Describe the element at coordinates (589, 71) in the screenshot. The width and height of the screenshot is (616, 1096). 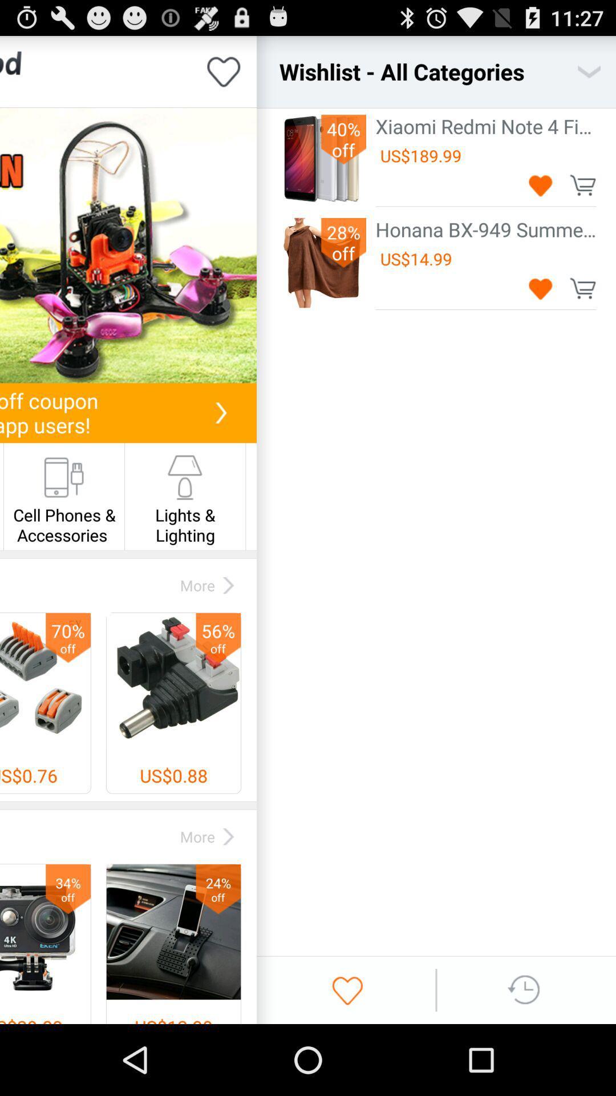
I see `the app to the right of the wishlist - all categories icon` at that location.